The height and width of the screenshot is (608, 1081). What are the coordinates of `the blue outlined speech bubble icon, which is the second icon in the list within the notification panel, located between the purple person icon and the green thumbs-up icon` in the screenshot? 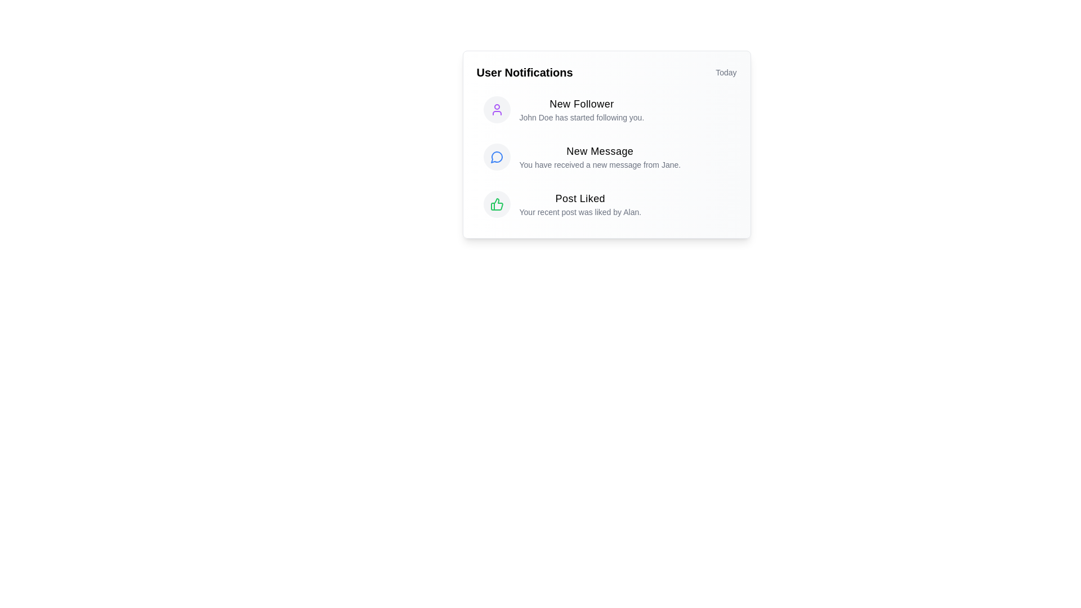 It's located at (496, 157).